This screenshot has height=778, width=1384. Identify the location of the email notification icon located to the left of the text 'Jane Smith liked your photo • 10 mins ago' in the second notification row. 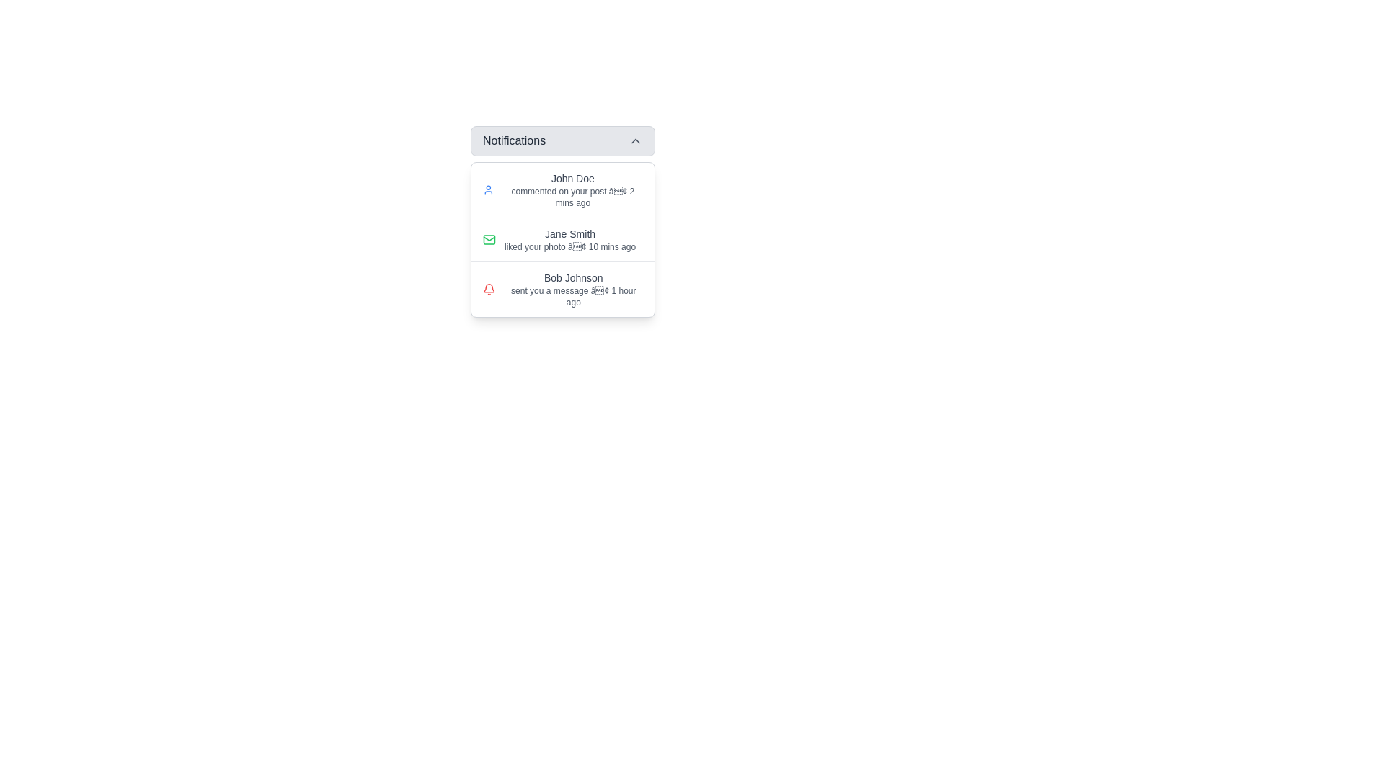
(489, 238).